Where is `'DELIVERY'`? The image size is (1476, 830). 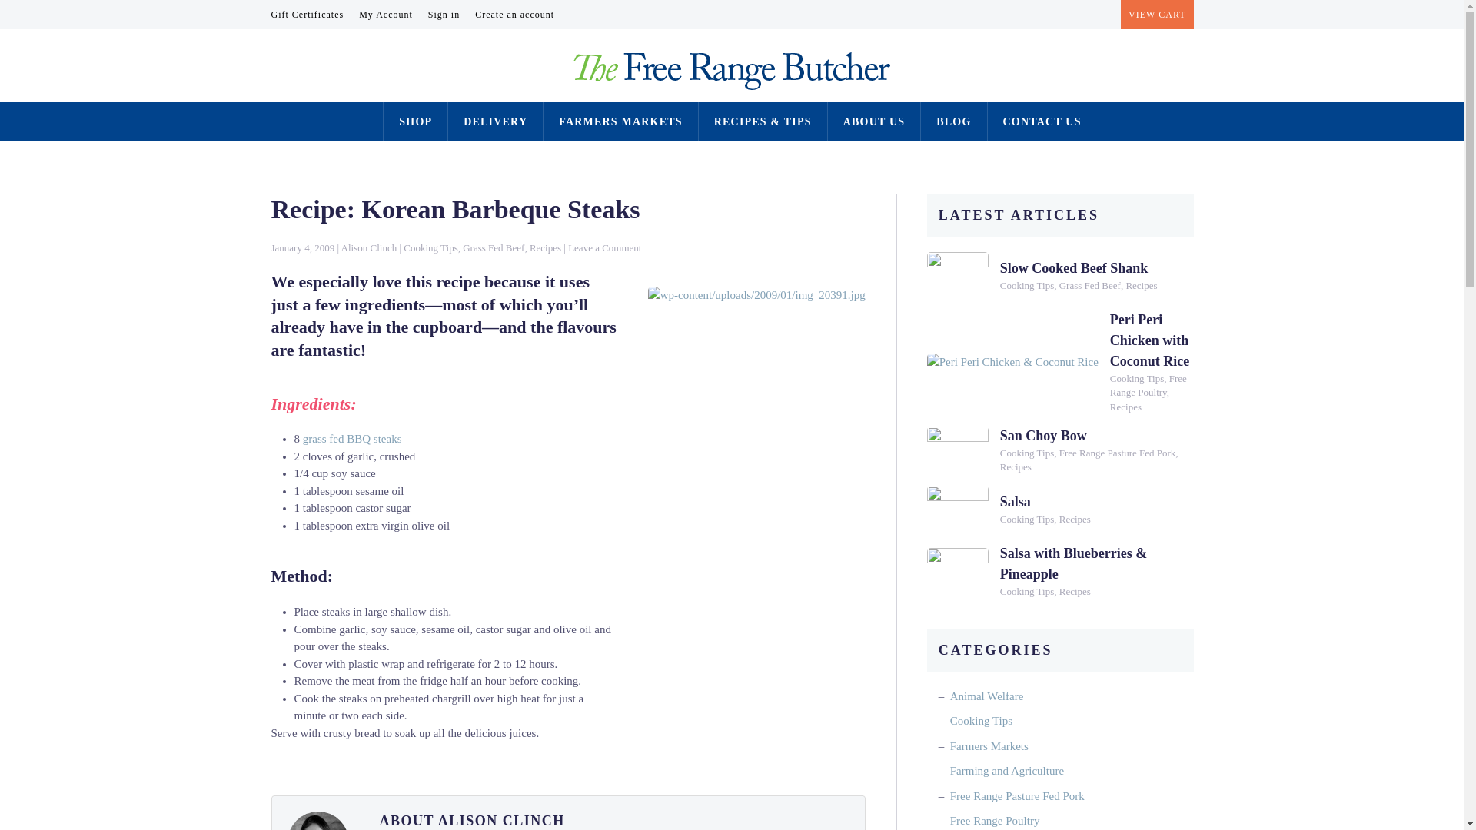 'DELIVERY' is located at coordinates (495, 121).